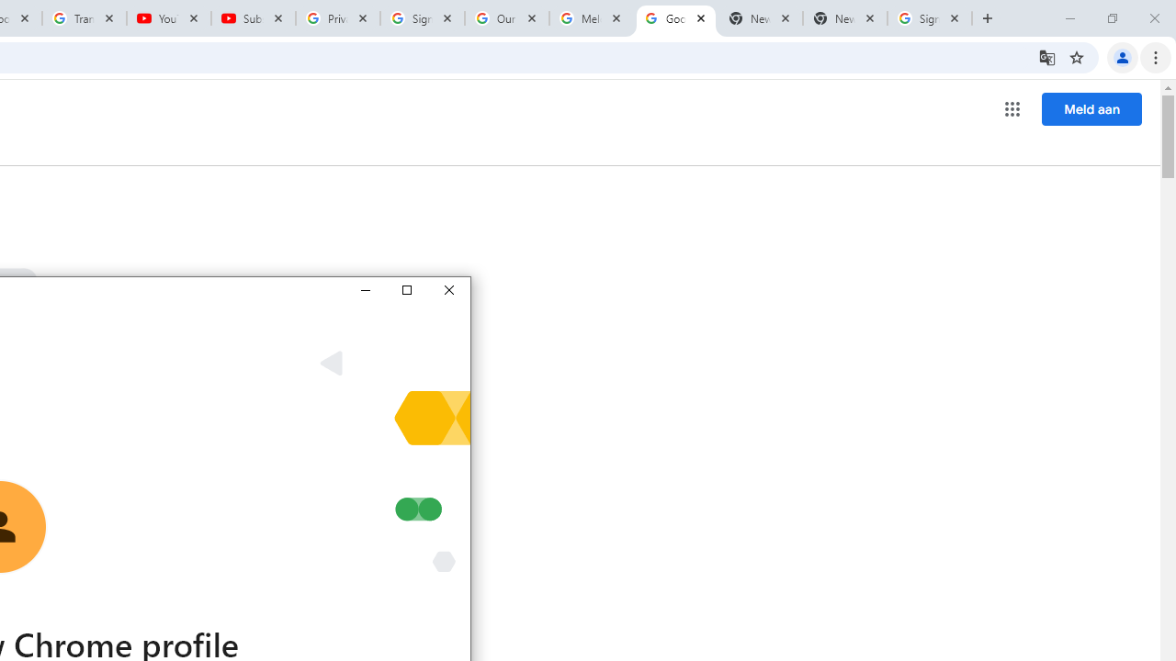 Image resolution: width=1176 pixels, height=661 pixels. What do you see at coordinates (1091, 108) in the screenshot?
I see `'Meld aan'` at bounding box center [1091, 108].